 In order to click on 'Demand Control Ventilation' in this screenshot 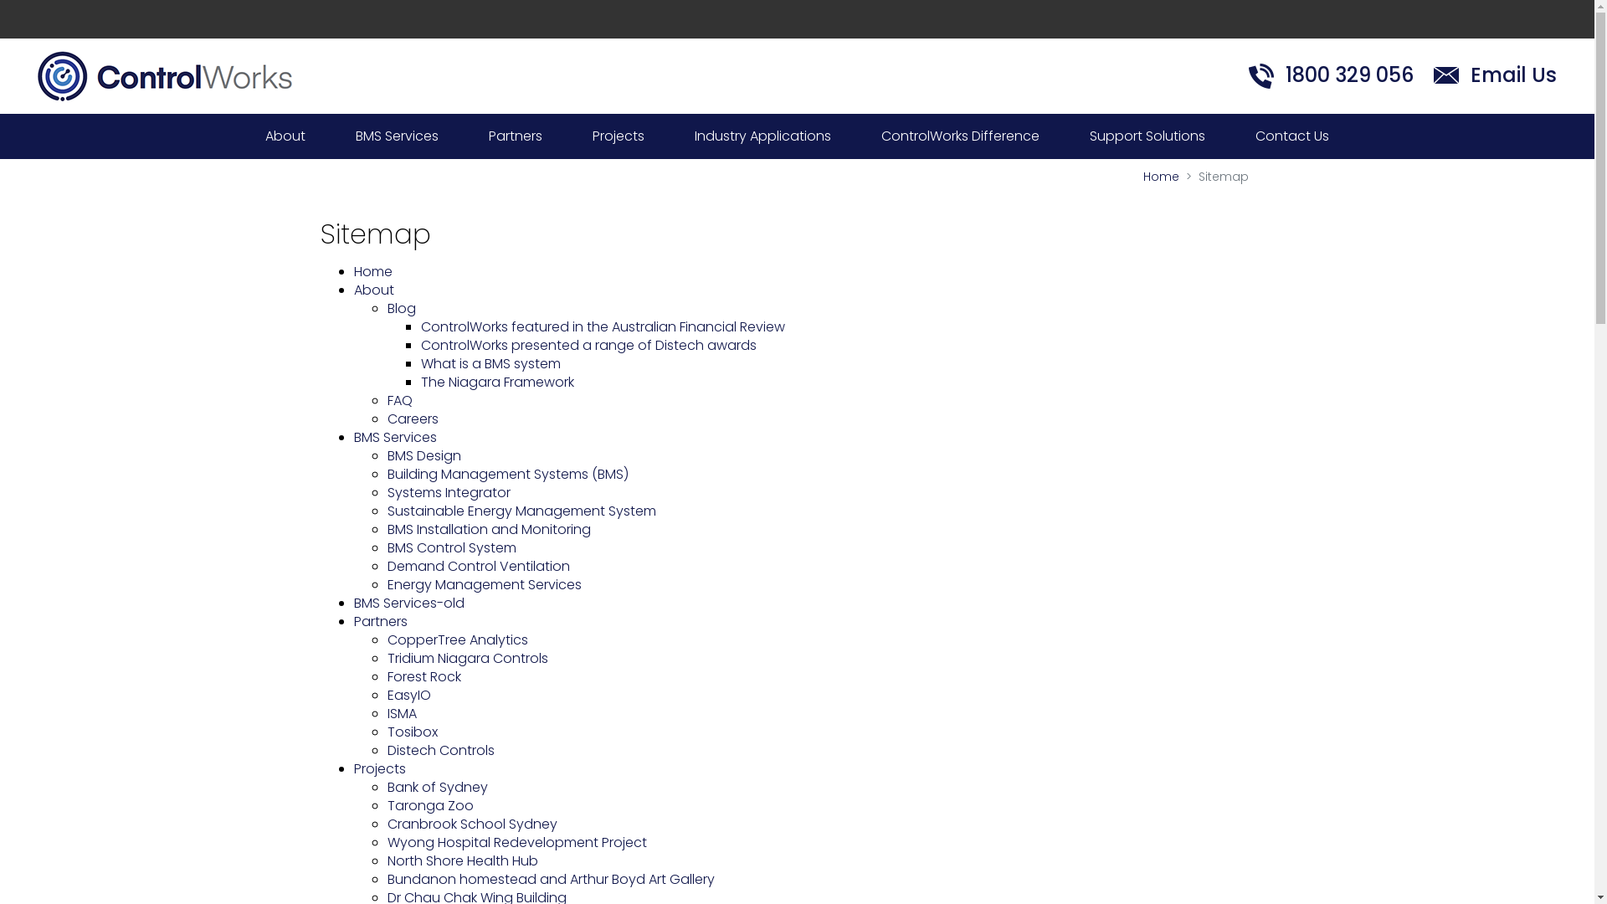, I will do `click(385, 565)`.